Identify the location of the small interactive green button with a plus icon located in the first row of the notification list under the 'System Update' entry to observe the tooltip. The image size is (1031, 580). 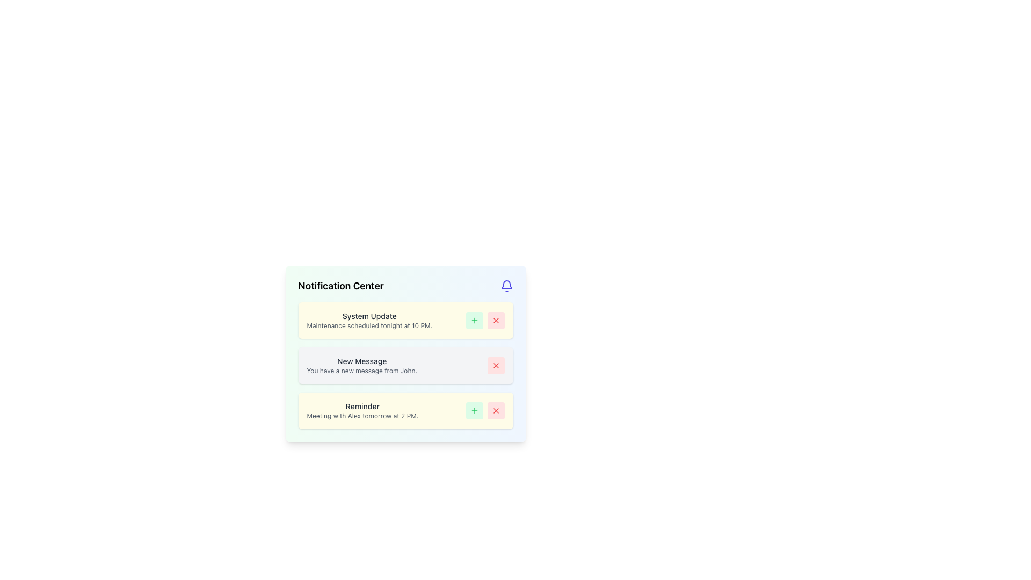
(474, 320).